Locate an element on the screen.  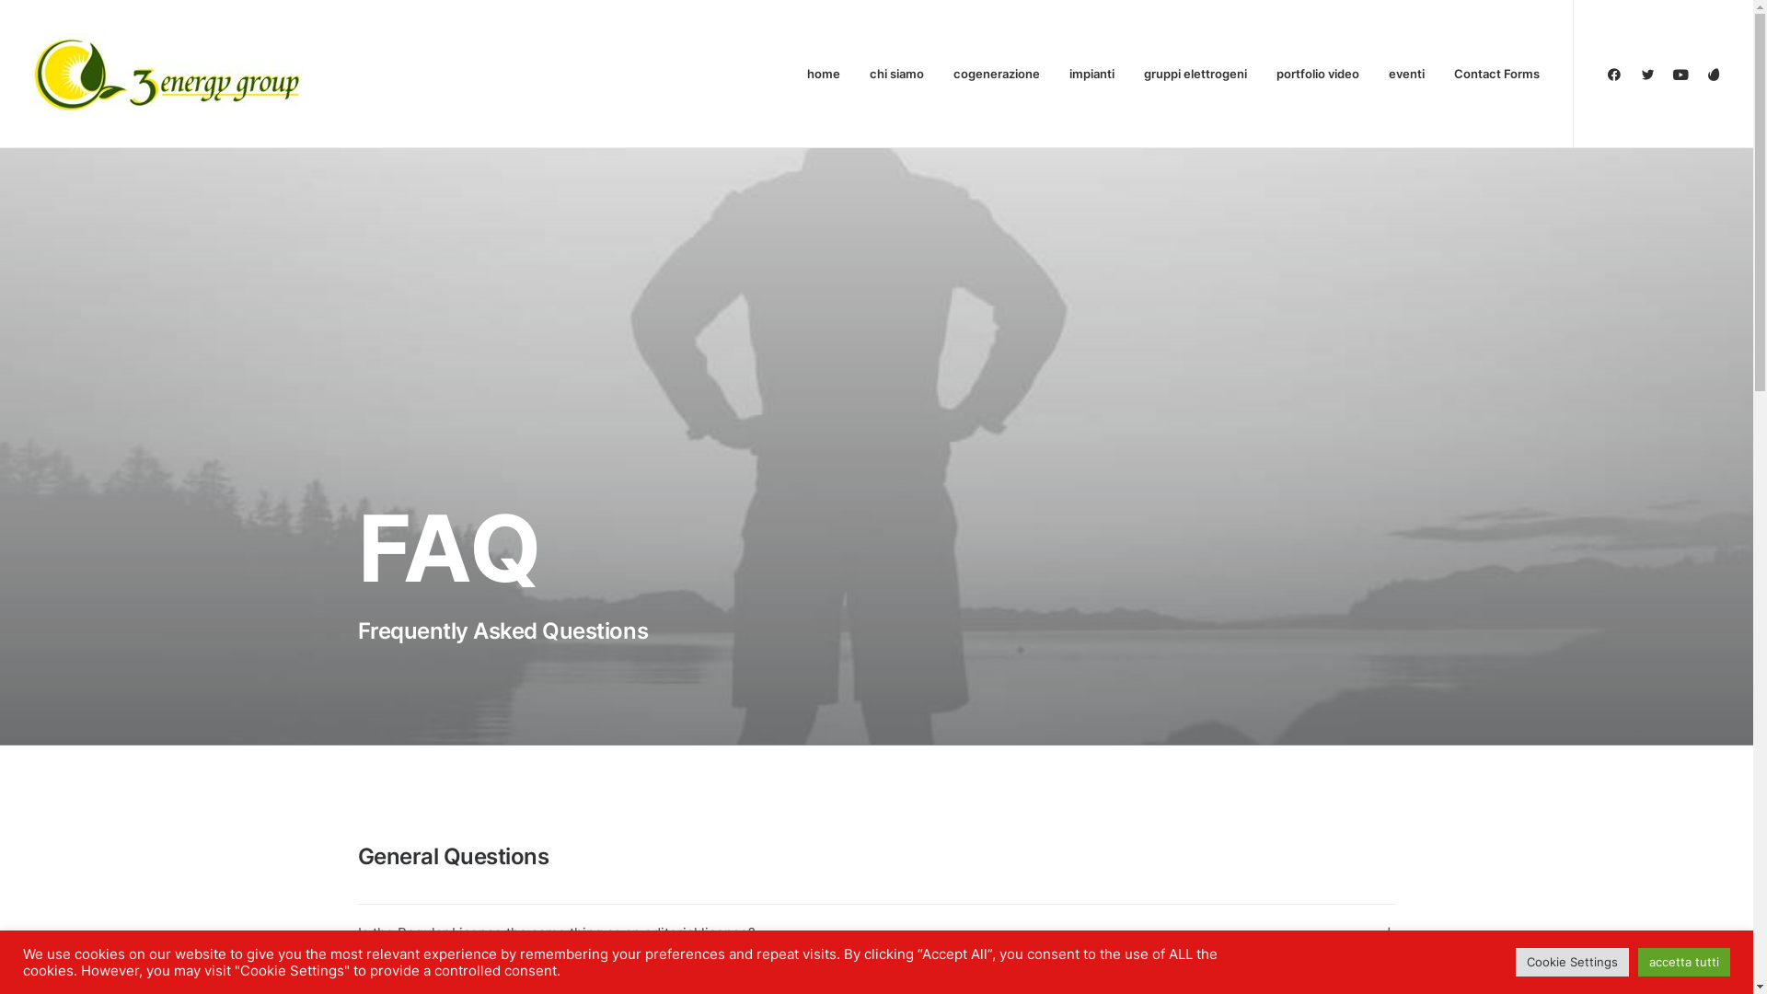
'accetta tutti' is located at coordinates (1638, 961).